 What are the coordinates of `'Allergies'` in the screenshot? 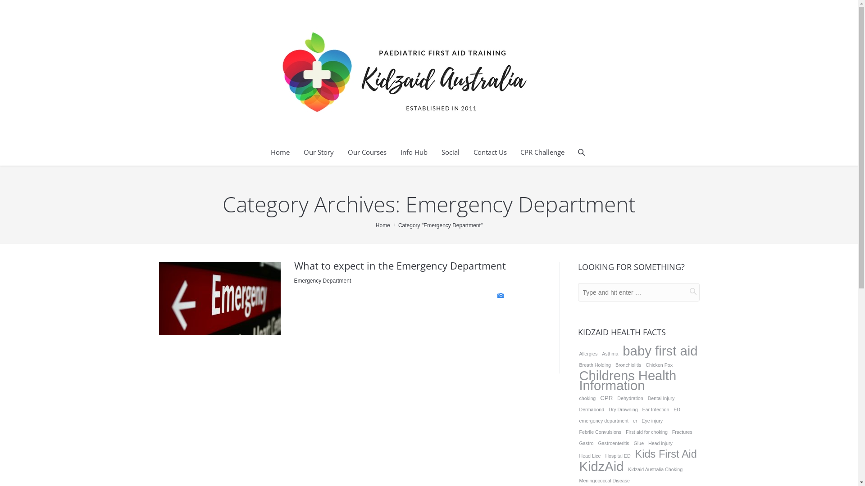 It's located at (588, 353).